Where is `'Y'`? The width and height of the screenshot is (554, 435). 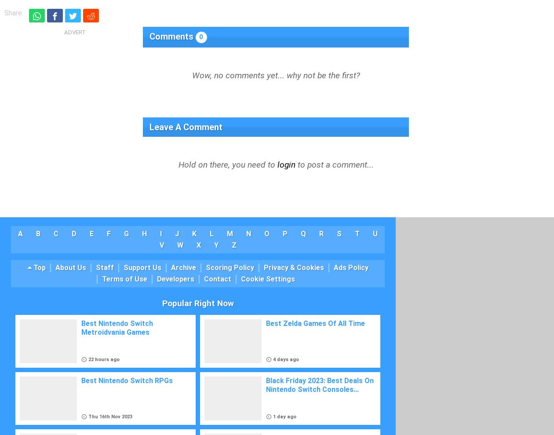
'Y' is located at coordinates (216, 245).